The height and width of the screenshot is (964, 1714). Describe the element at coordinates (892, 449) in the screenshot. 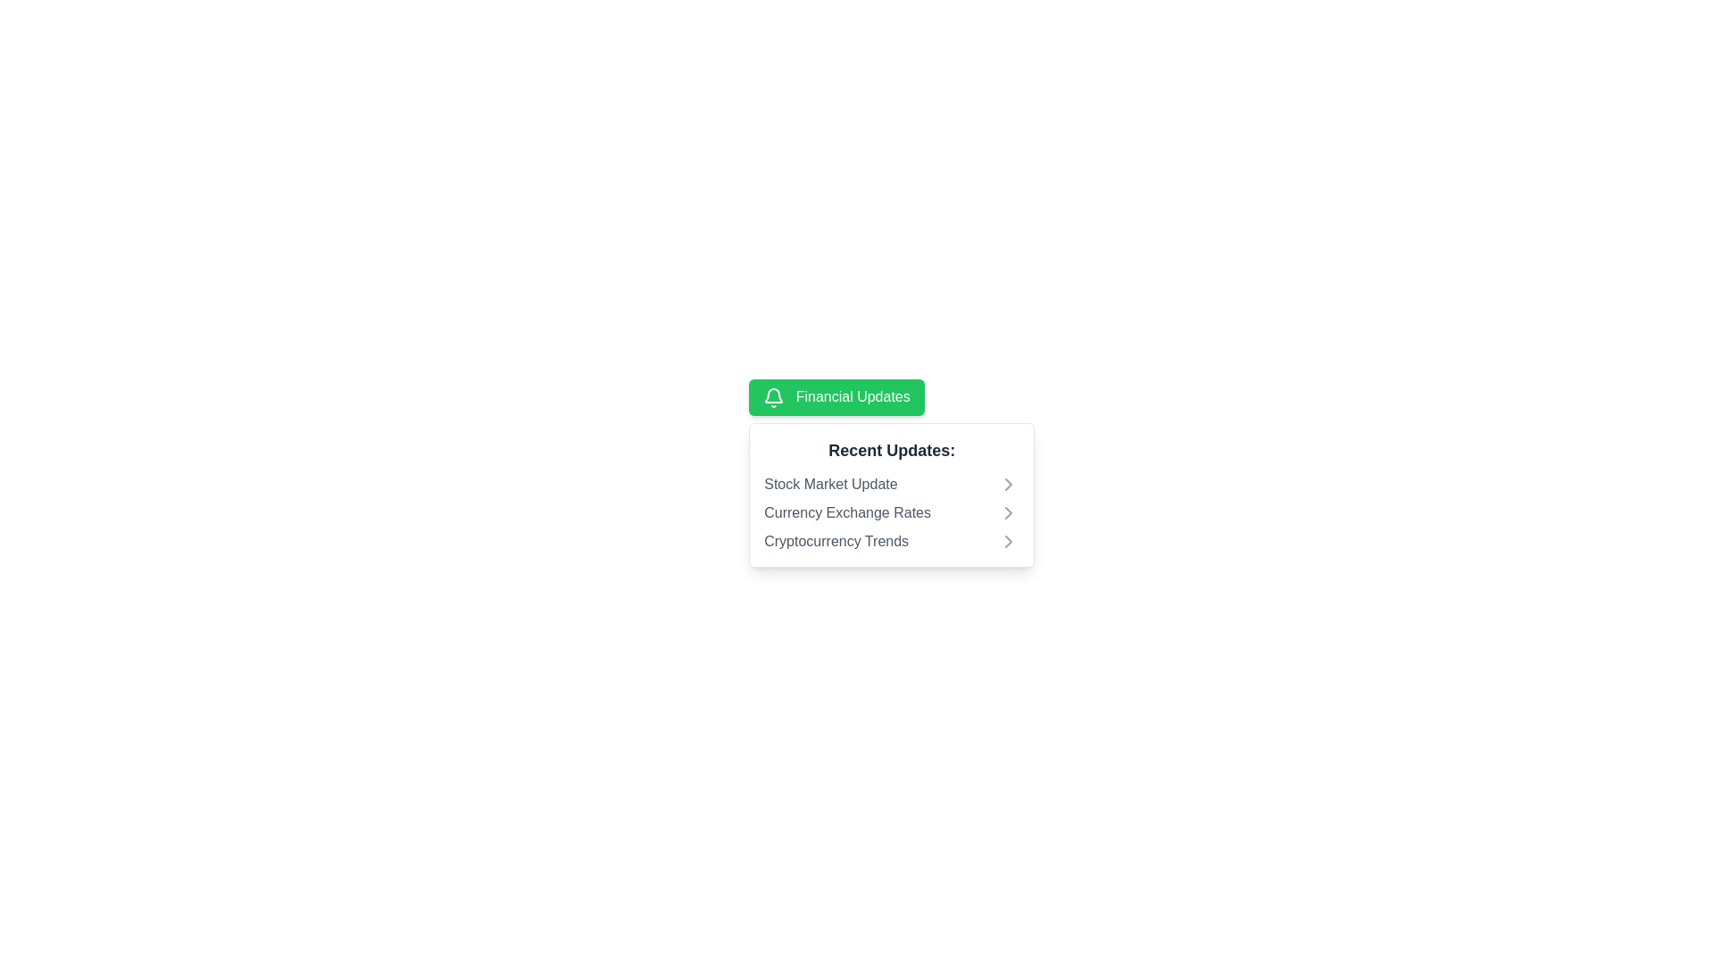

I see `the bold text header labeled 'Recent Updates:' which is prominently positioned at the top of the updates list` at that location.